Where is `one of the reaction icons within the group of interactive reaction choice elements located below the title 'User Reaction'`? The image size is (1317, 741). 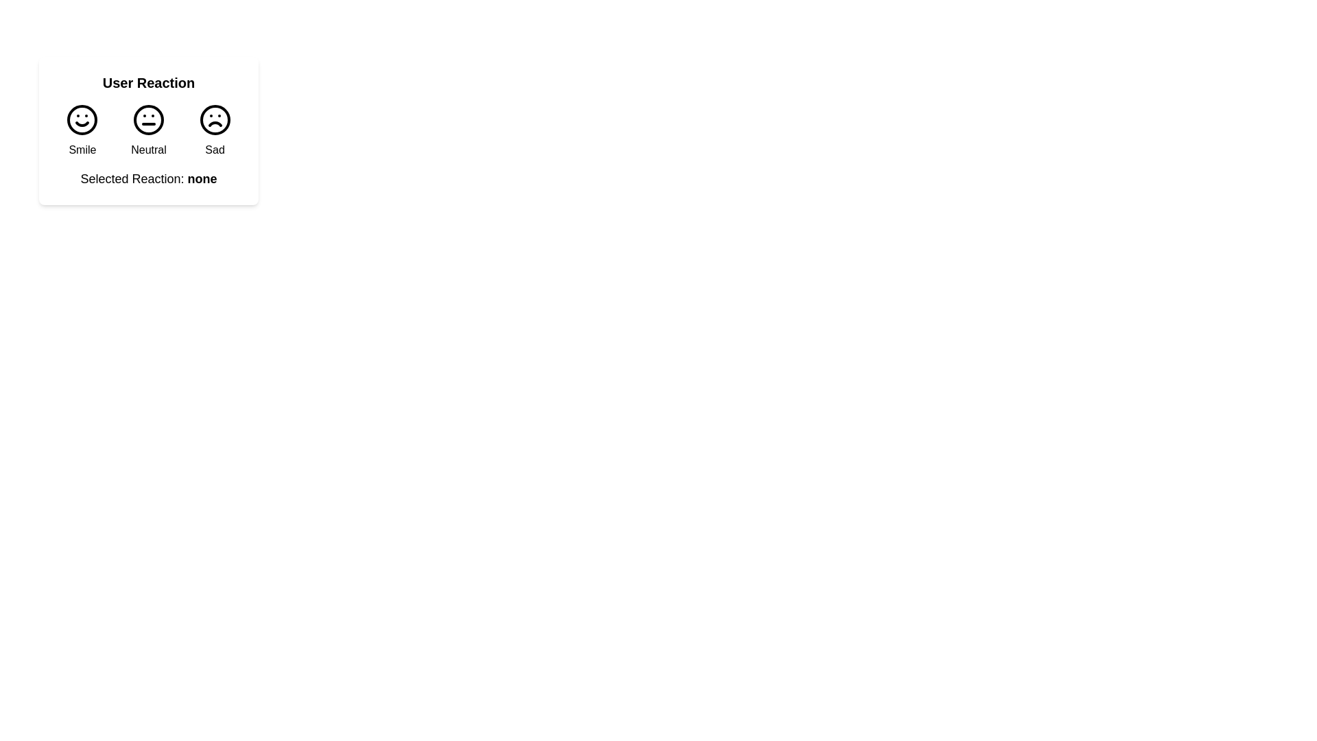
one of the reaction icons within the group of interactive reaction choice elements located below the title 'User Reaction' is located at coordinates (148, 131).